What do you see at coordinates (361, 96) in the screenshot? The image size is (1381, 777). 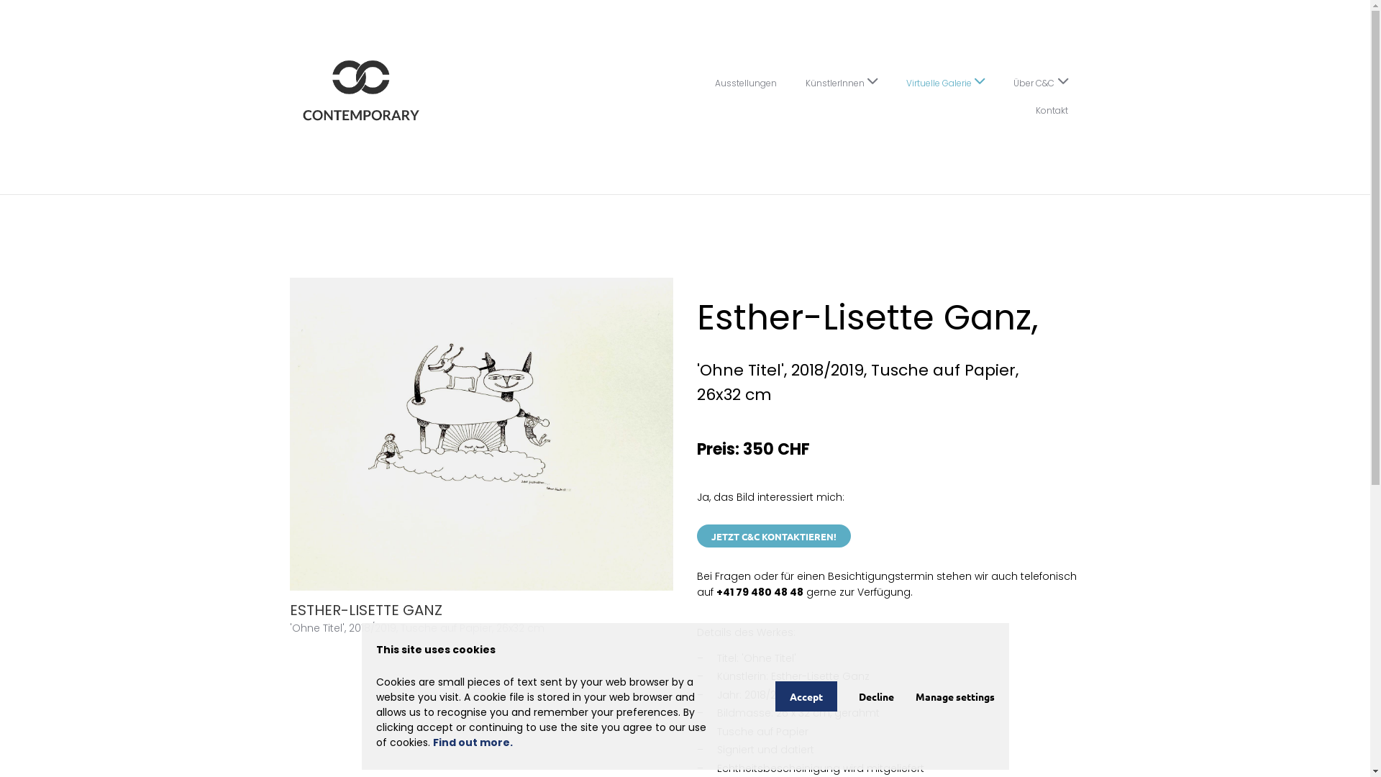 I see `'C&C Contemporary'` at bounding box center [361, 96].